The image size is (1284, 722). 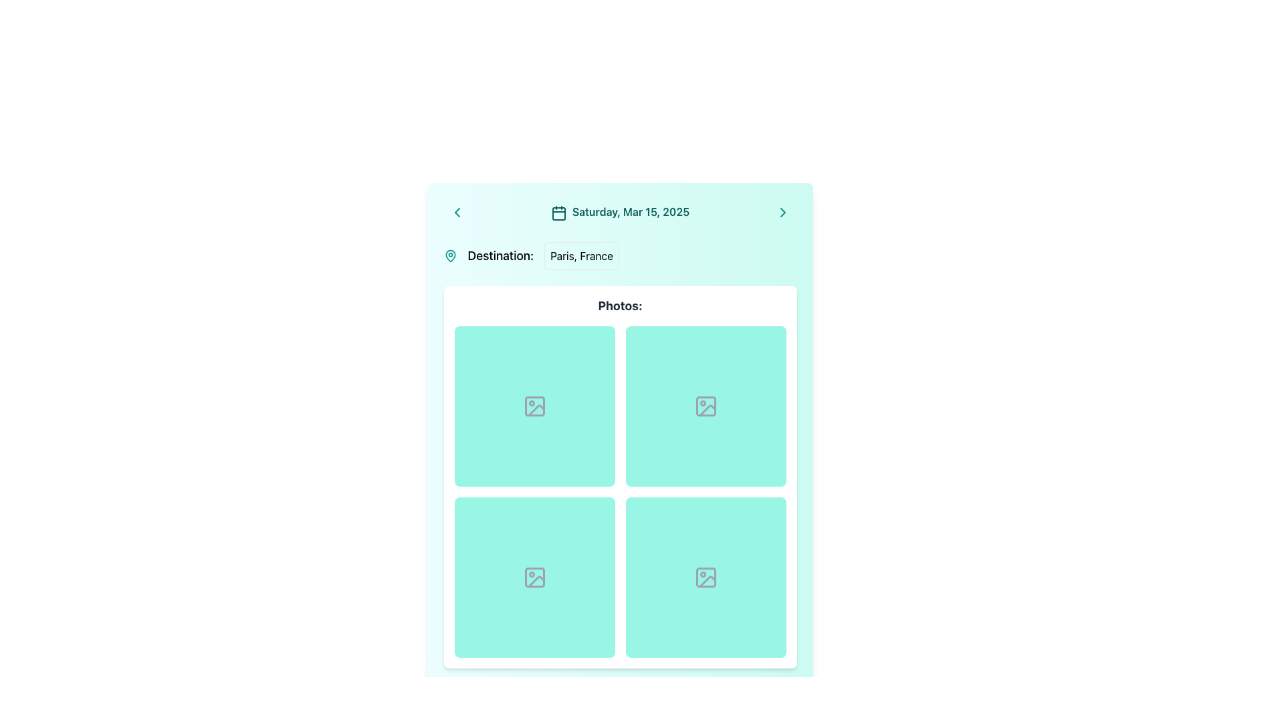 I want to click on the Chevron Left icon located at the upper left corner of the content area, so click(x=457, y=211).